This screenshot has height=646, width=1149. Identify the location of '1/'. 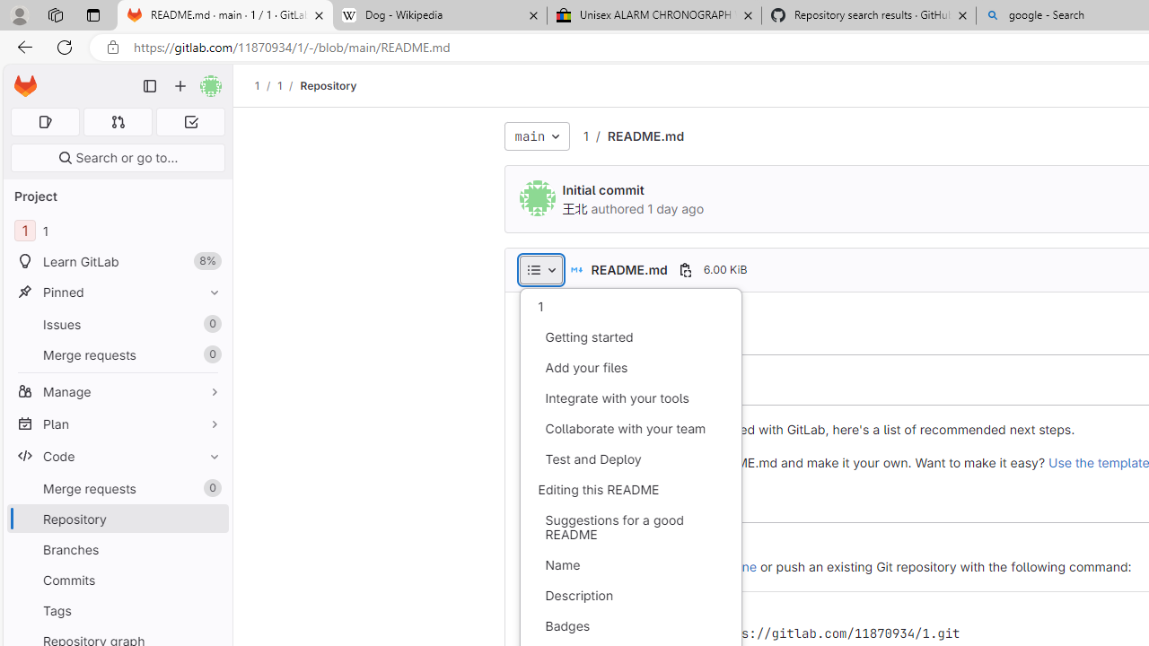
(288, 85).